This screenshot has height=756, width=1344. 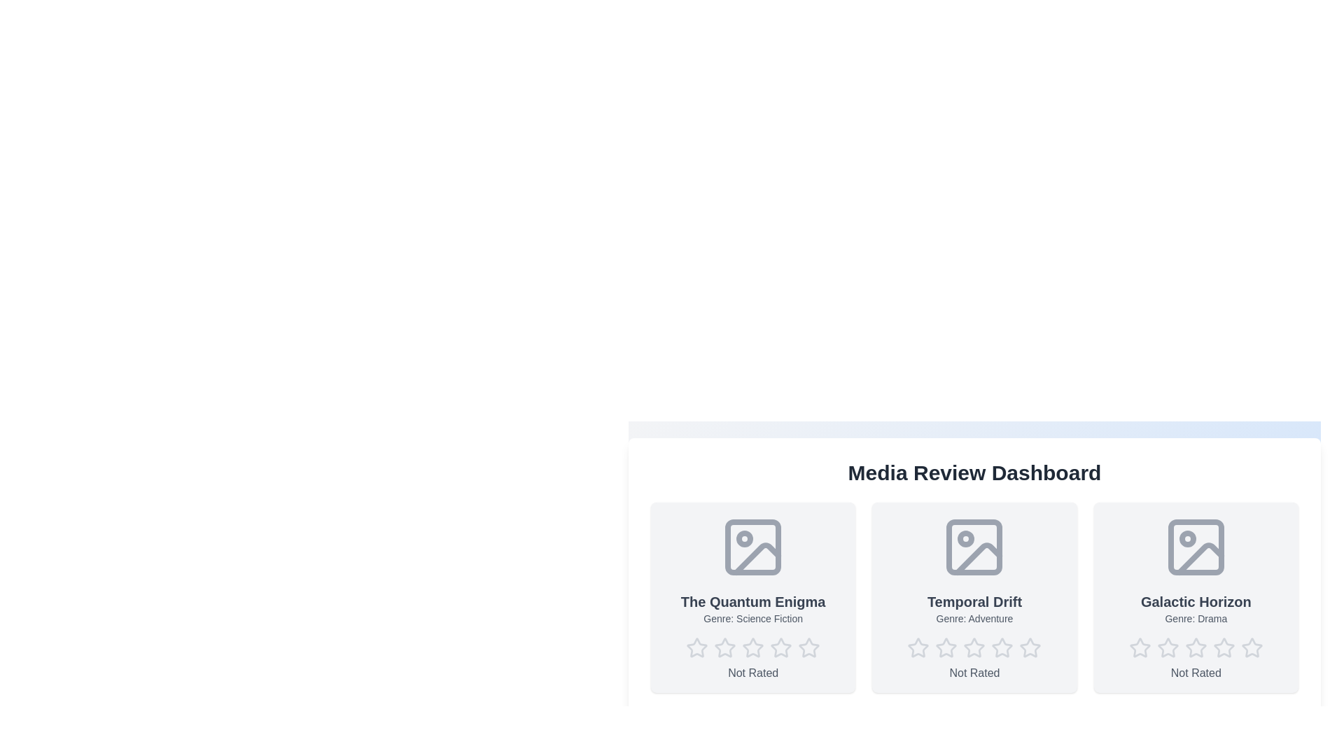 I want to click on the title of the media item The Quantum Enigma to select or highlight it, so click(x=752, y=601).